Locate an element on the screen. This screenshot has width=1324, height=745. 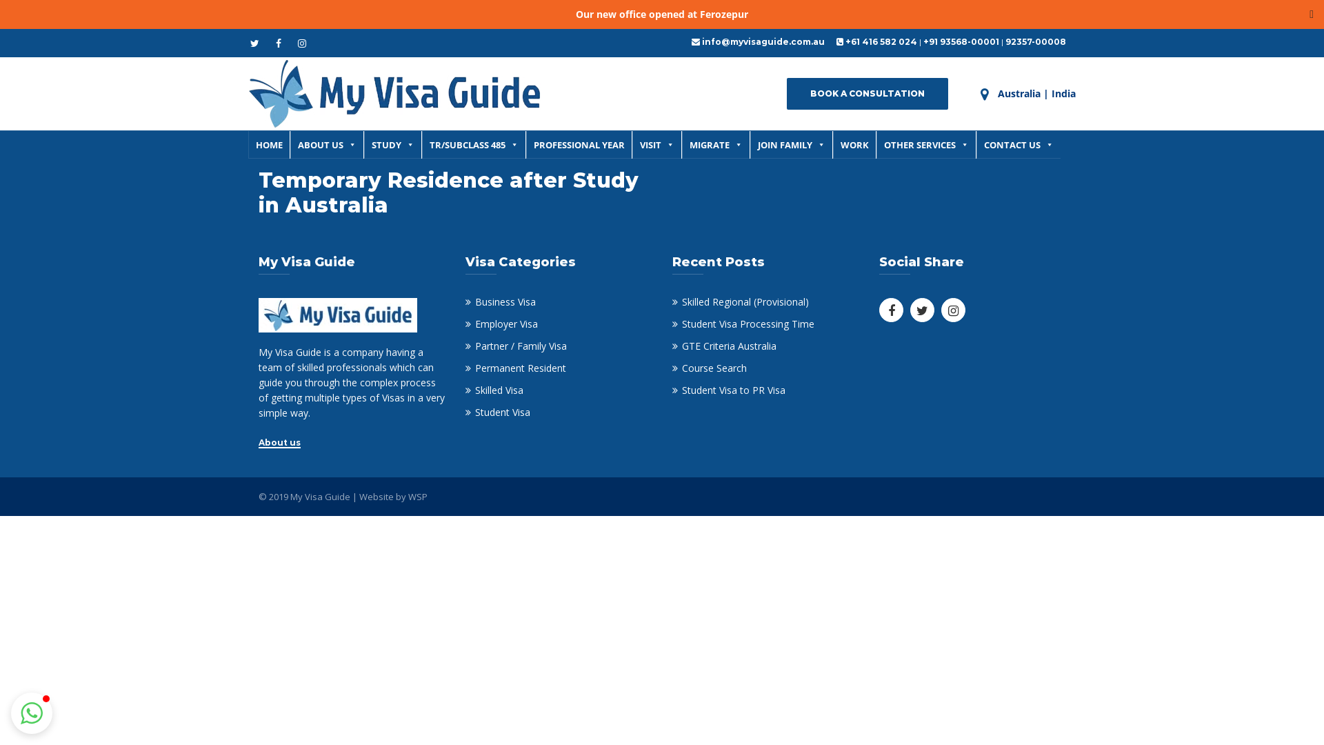
'STUDY' is located at coordinates (392, 144).